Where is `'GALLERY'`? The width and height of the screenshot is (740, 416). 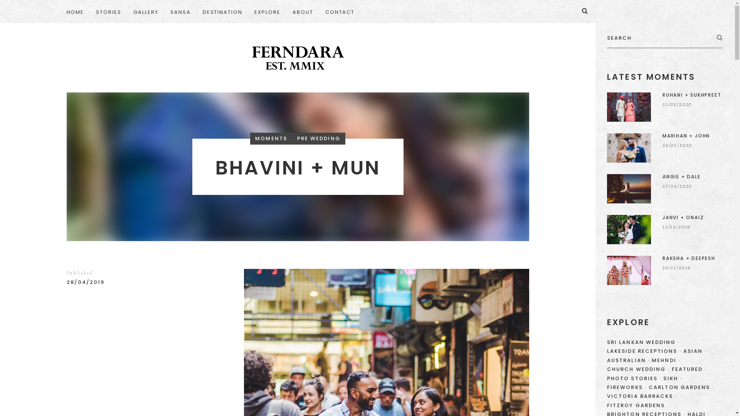 'GALLERY' is located at coordinates (146, 12).